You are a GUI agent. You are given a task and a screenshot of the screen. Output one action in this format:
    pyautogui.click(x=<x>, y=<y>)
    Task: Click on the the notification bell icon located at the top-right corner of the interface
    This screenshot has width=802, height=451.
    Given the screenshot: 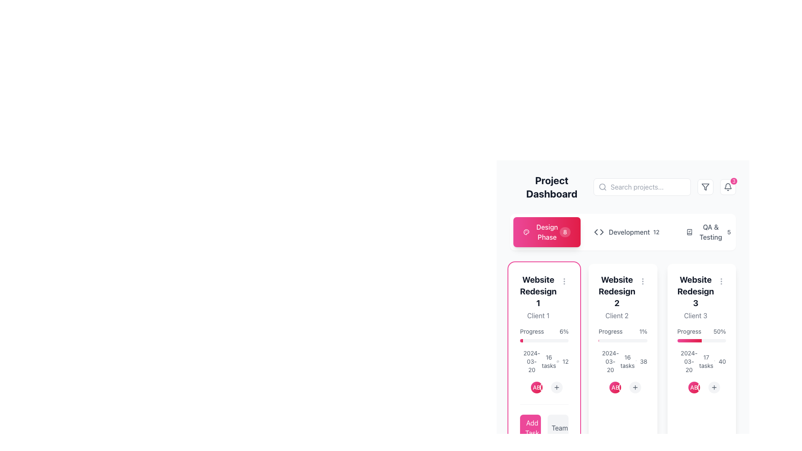 What is the action you would take?
    pyautogui.click(x=727, y=186)
    